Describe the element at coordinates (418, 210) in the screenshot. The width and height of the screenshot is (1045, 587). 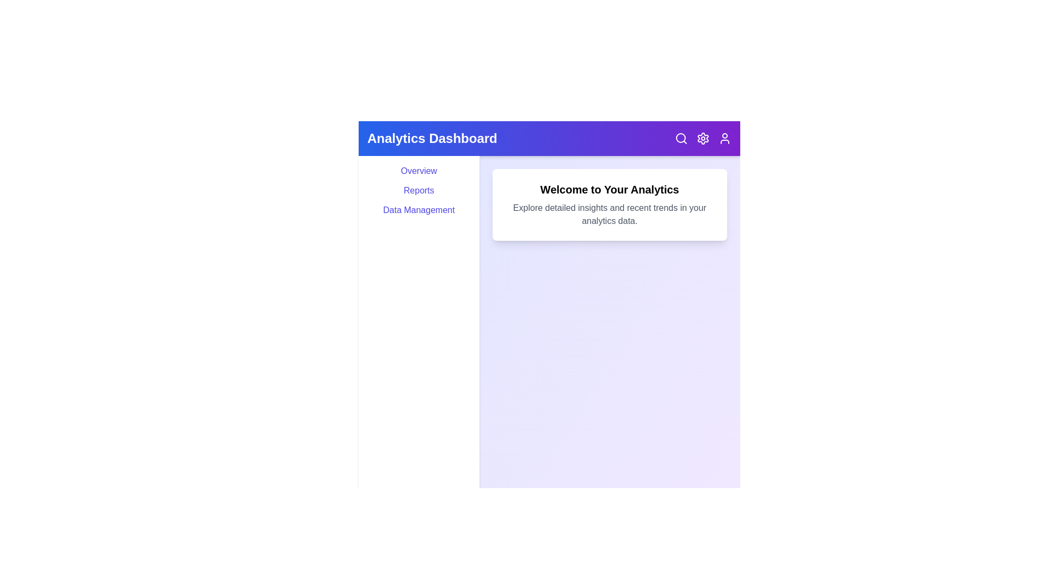
I see `the 'Data Management' menu item to navigate to the data management section` at that location.